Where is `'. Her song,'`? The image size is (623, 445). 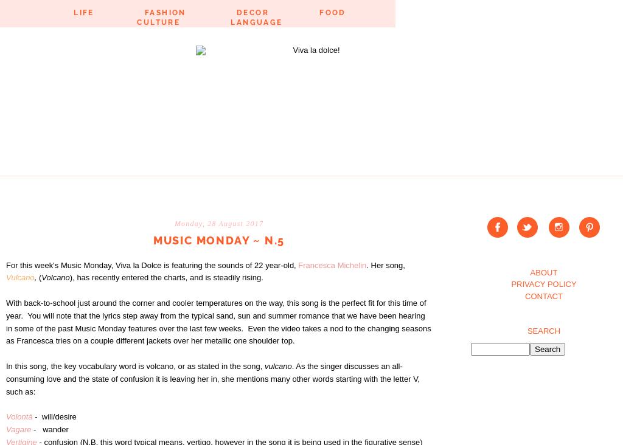 '. Her song,' is located at coordinates (366, 264).